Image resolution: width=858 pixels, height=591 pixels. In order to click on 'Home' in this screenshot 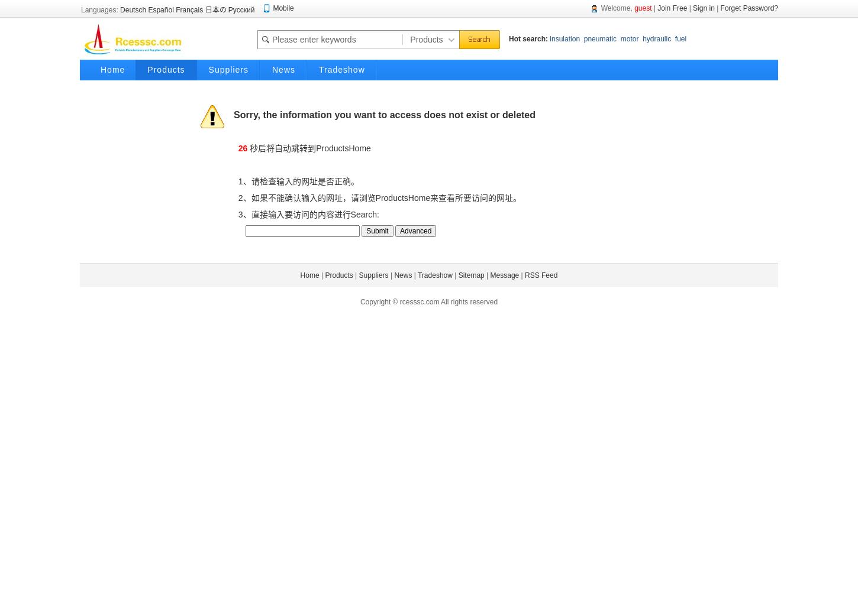, I will do `click(309, 275)`.